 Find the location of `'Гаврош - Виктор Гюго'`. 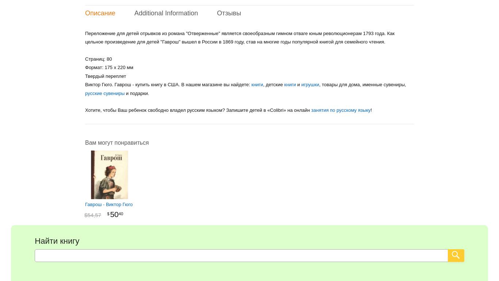

'Гаврош - Виктор Гюго' is located at coordinates (109, 204).